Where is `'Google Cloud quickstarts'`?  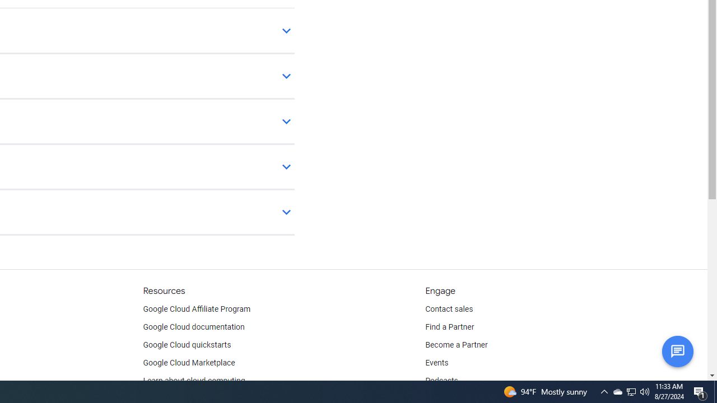
'Google Cloud quickstarts' is located at coordinates (187, 345).